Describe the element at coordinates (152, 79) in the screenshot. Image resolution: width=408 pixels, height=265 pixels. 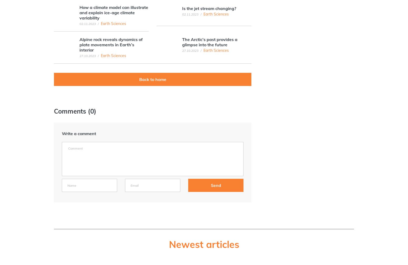
I see `'Back to home'` at that location.